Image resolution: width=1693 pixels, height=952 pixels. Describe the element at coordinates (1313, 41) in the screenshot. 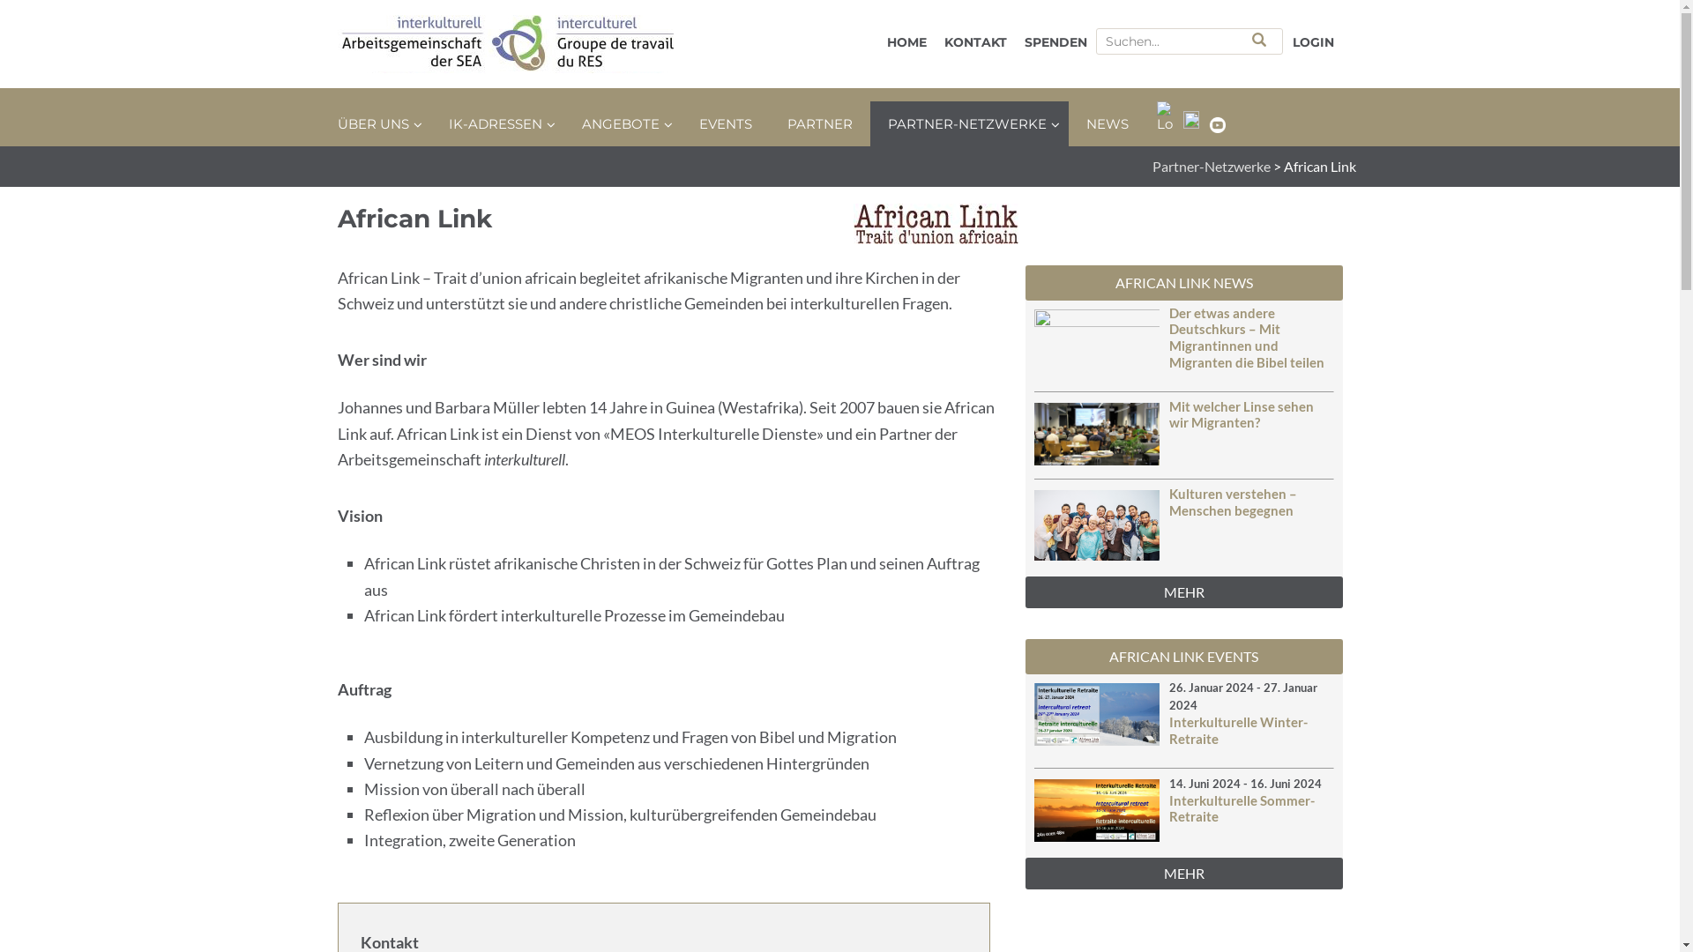

I see `'LOGIN'` at that location.